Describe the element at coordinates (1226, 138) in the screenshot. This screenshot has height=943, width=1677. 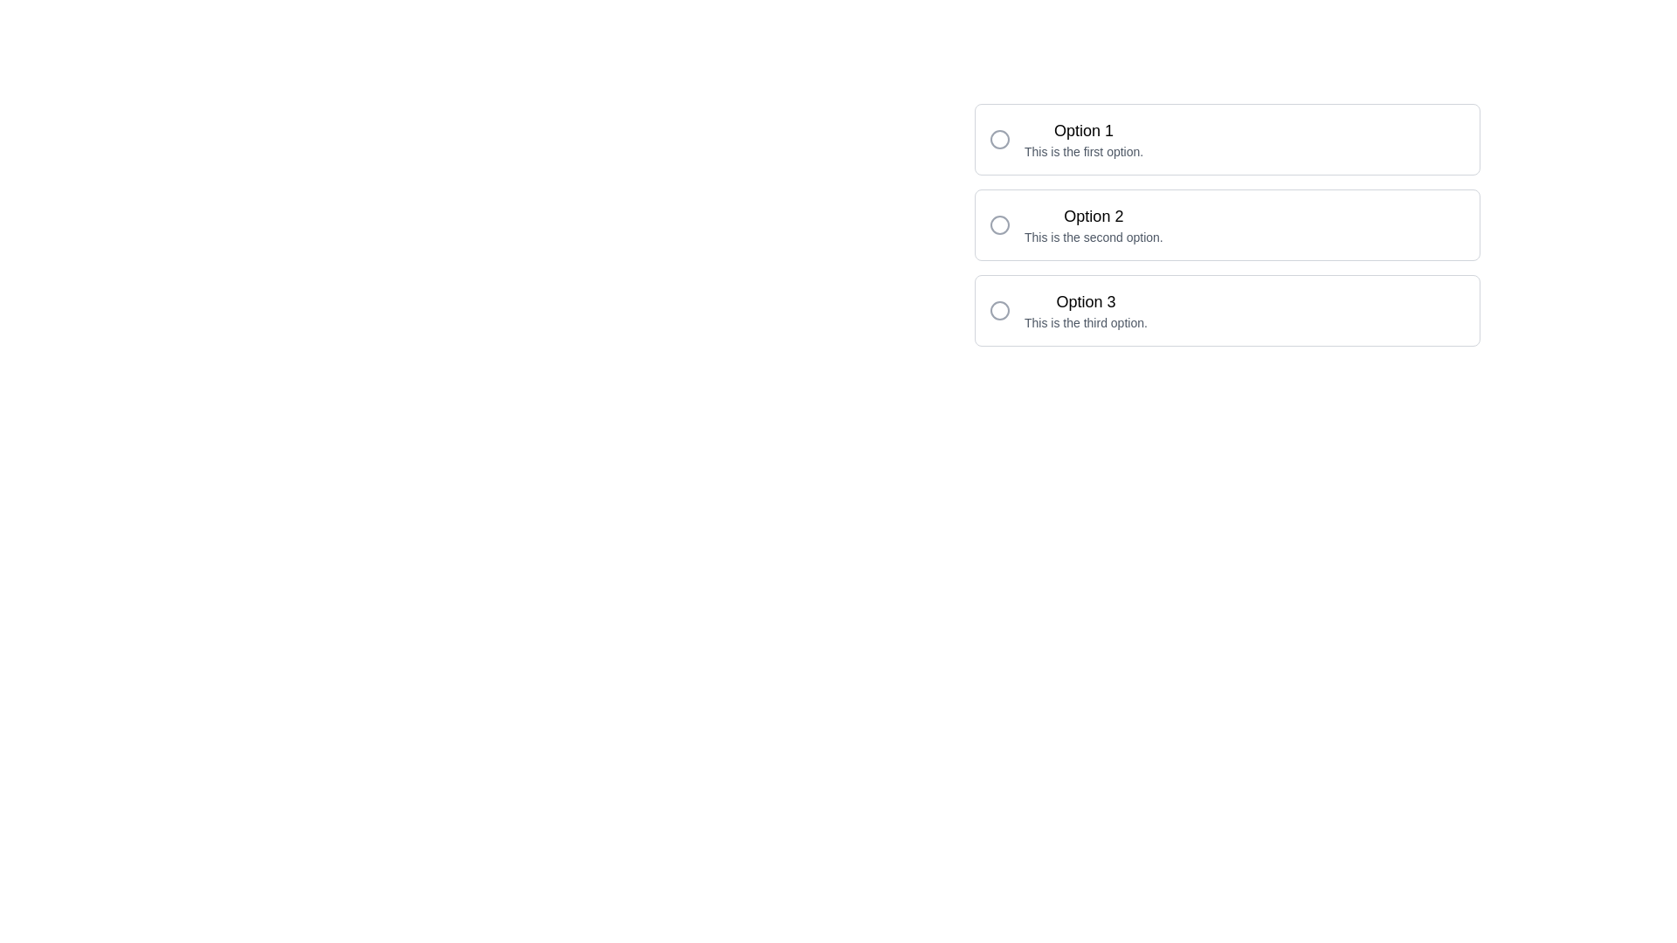
I see `the first selectable option card, which functions as a radio button, located at the top of the group` at that location.